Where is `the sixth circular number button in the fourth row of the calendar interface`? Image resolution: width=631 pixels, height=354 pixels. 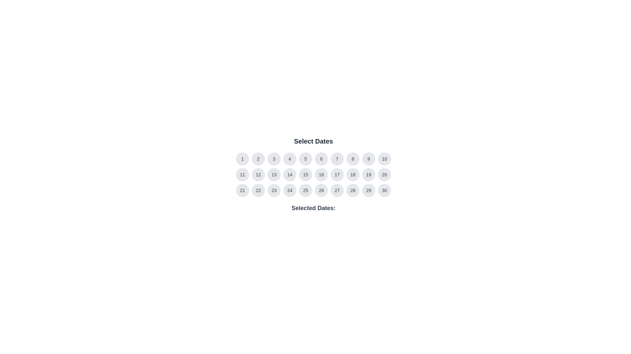 the sixth circular number button in the fourth row of the calendar interface is located at coordinates (321, 190).